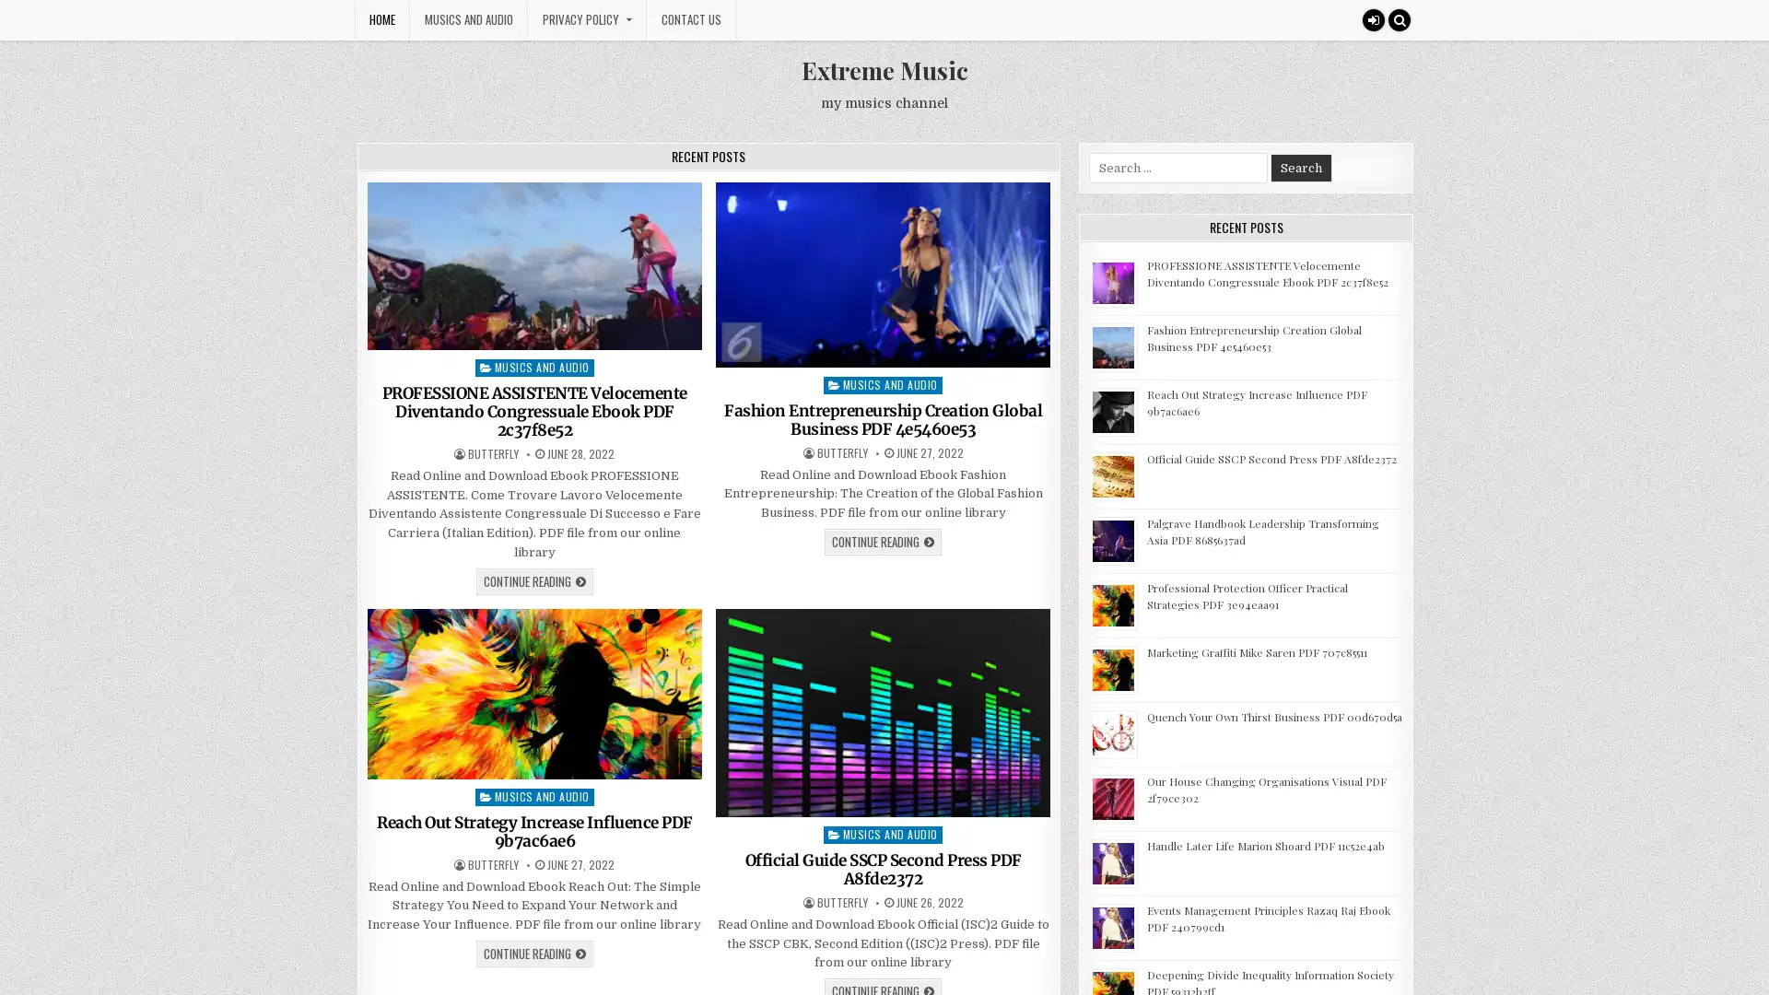 This screenshot has width=1769, height=995. I want to click on Search, so click(1300, 168).